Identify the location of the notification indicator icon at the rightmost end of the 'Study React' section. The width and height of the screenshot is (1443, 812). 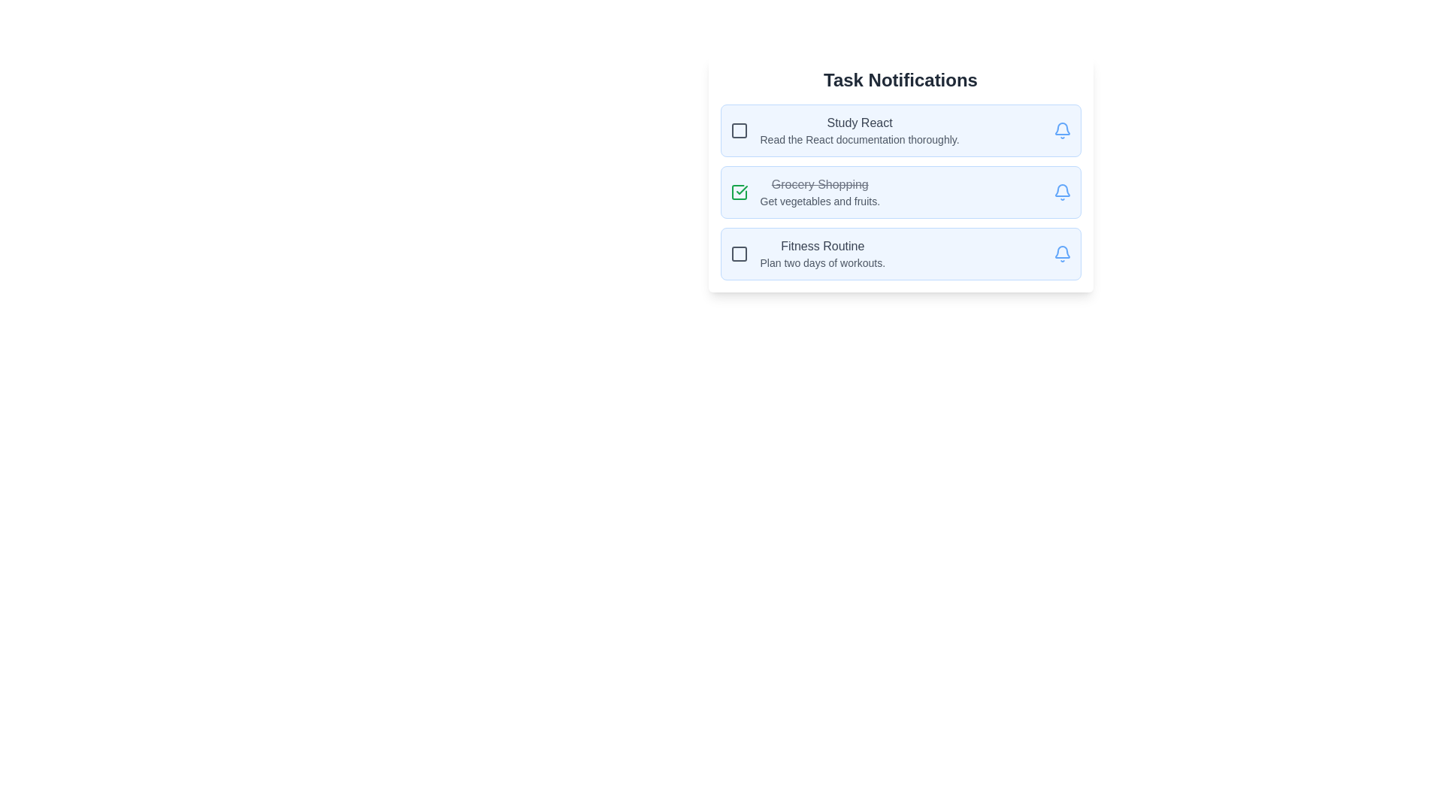
(1061, 129).